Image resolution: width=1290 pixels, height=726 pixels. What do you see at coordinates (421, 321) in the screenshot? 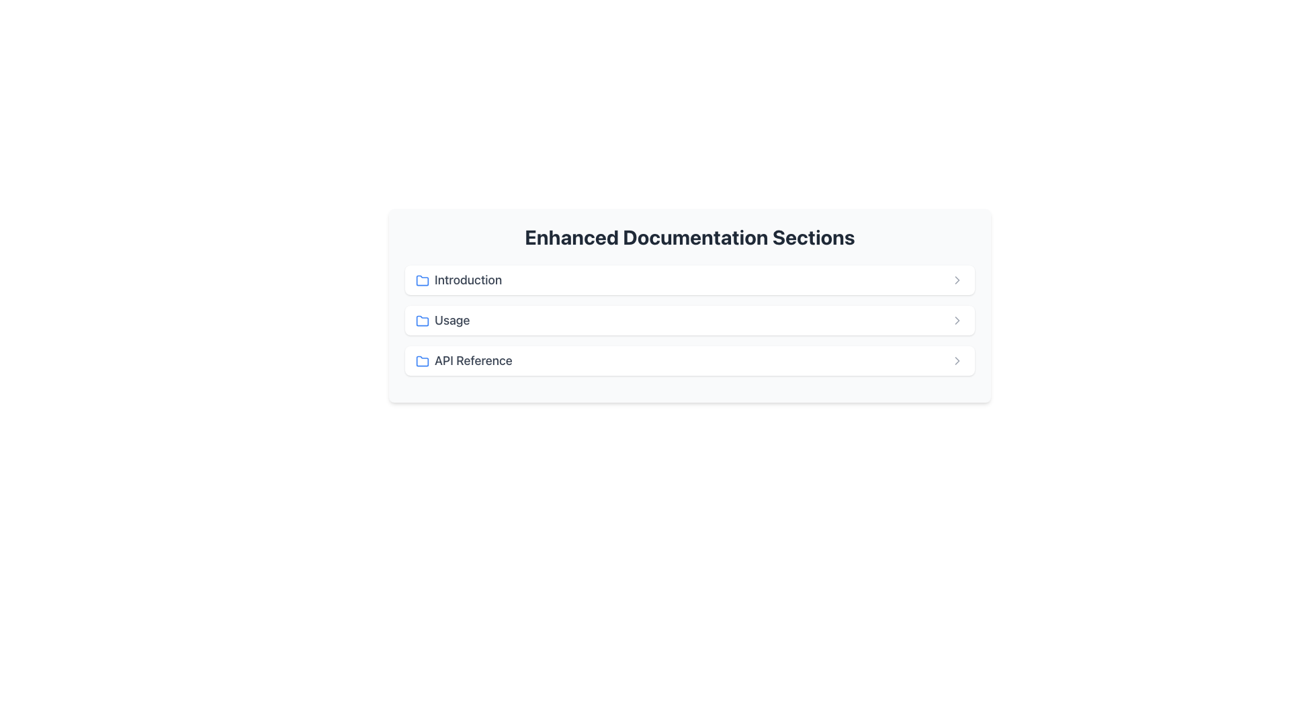
I see `the folder icon associated with the 'Usage' label` at bounding box center [421, 321].